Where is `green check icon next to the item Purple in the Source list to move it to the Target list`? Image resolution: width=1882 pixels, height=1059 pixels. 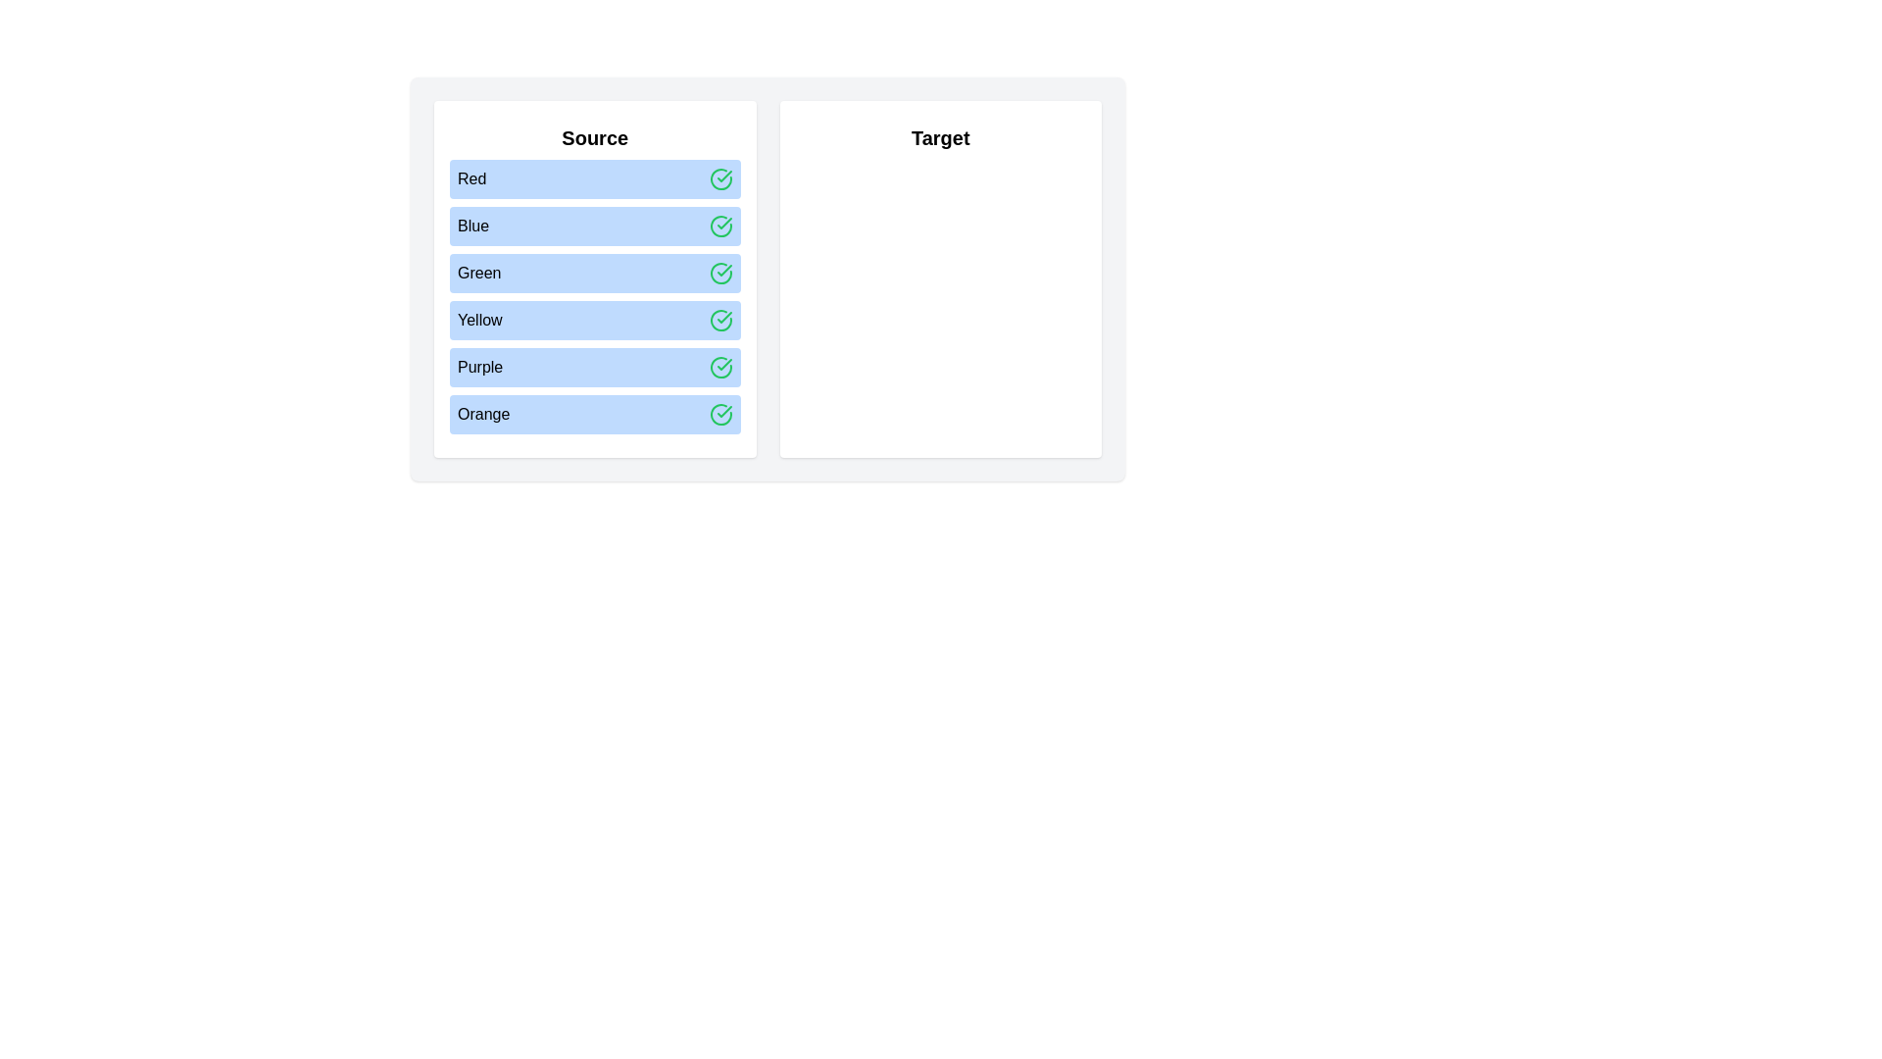 green check icon next to the item Purple in the Source list to move it to the Target list is located at coordinates (719, 367).